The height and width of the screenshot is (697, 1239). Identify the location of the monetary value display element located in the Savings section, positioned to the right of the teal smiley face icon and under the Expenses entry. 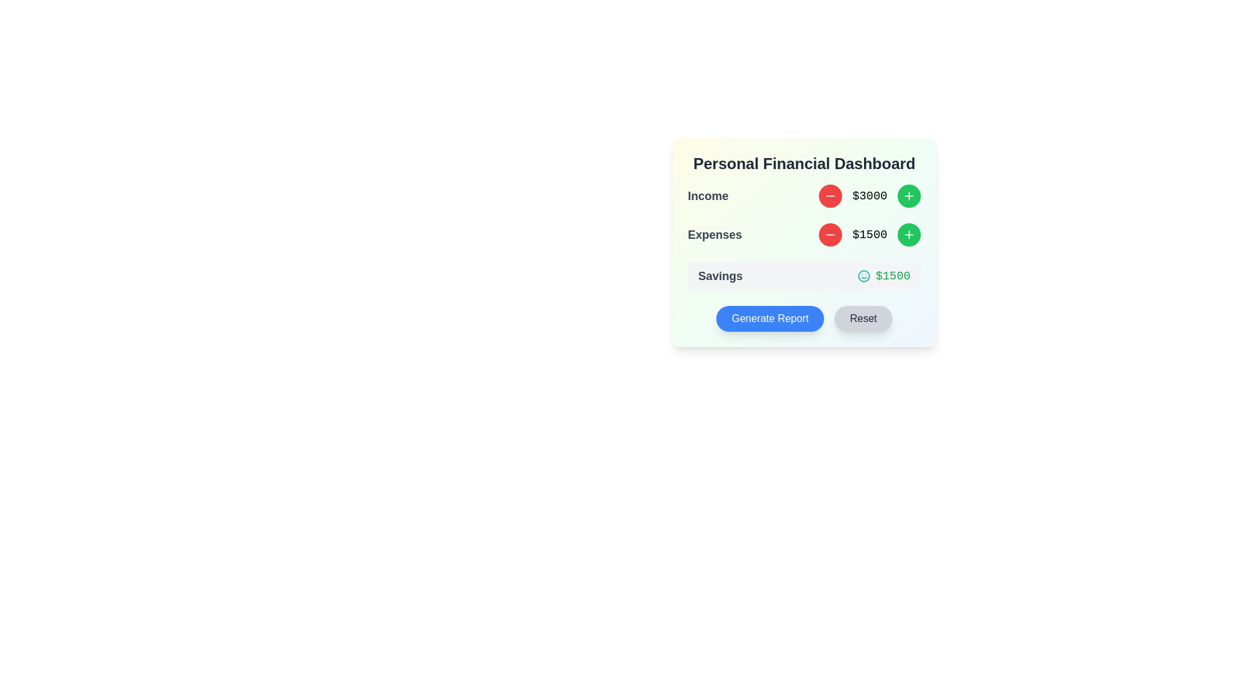
(892, 276).